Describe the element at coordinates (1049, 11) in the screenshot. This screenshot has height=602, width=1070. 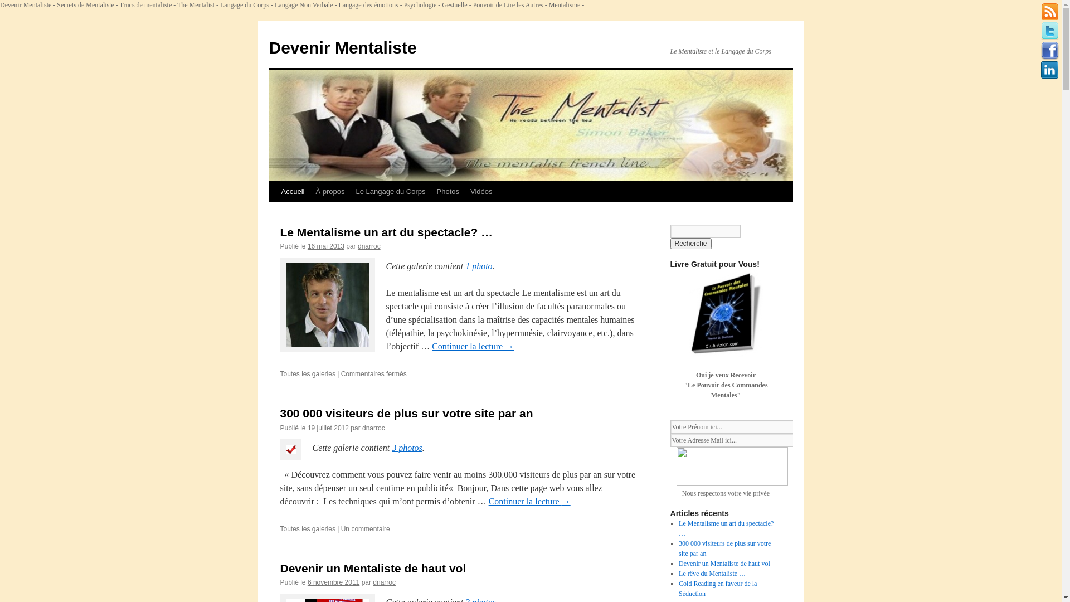
I see `'Rss Feed'` at that location.